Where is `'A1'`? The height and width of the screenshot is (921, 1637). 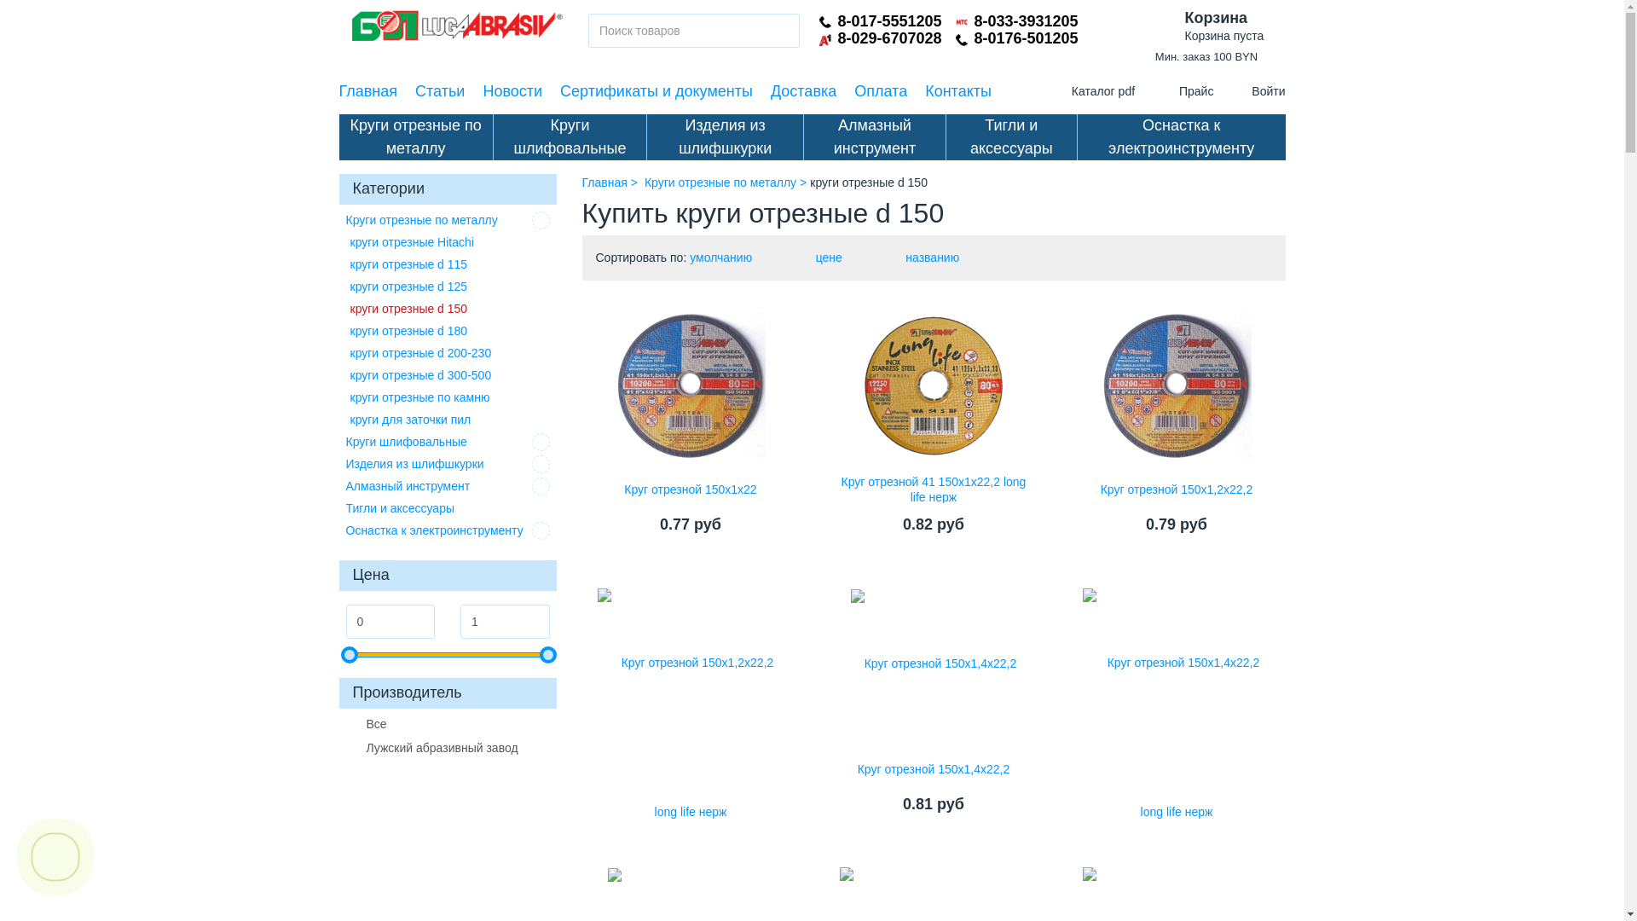
'A1' is located at coordinates (825, 38).